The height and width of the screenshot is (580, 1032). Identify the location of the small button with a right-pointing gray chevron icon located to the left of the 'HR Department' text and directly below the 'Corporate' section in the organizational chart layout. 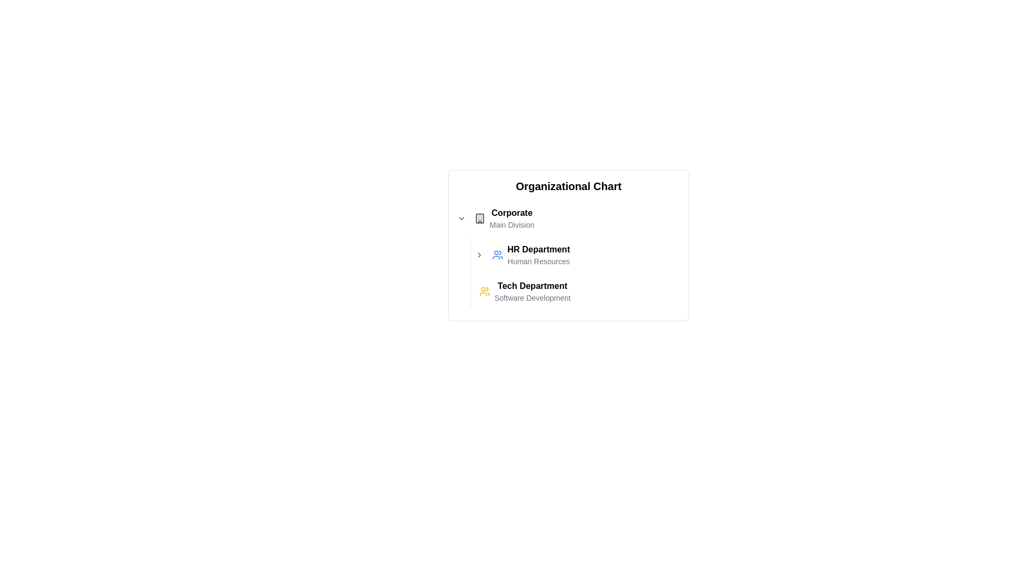
(479, 255).